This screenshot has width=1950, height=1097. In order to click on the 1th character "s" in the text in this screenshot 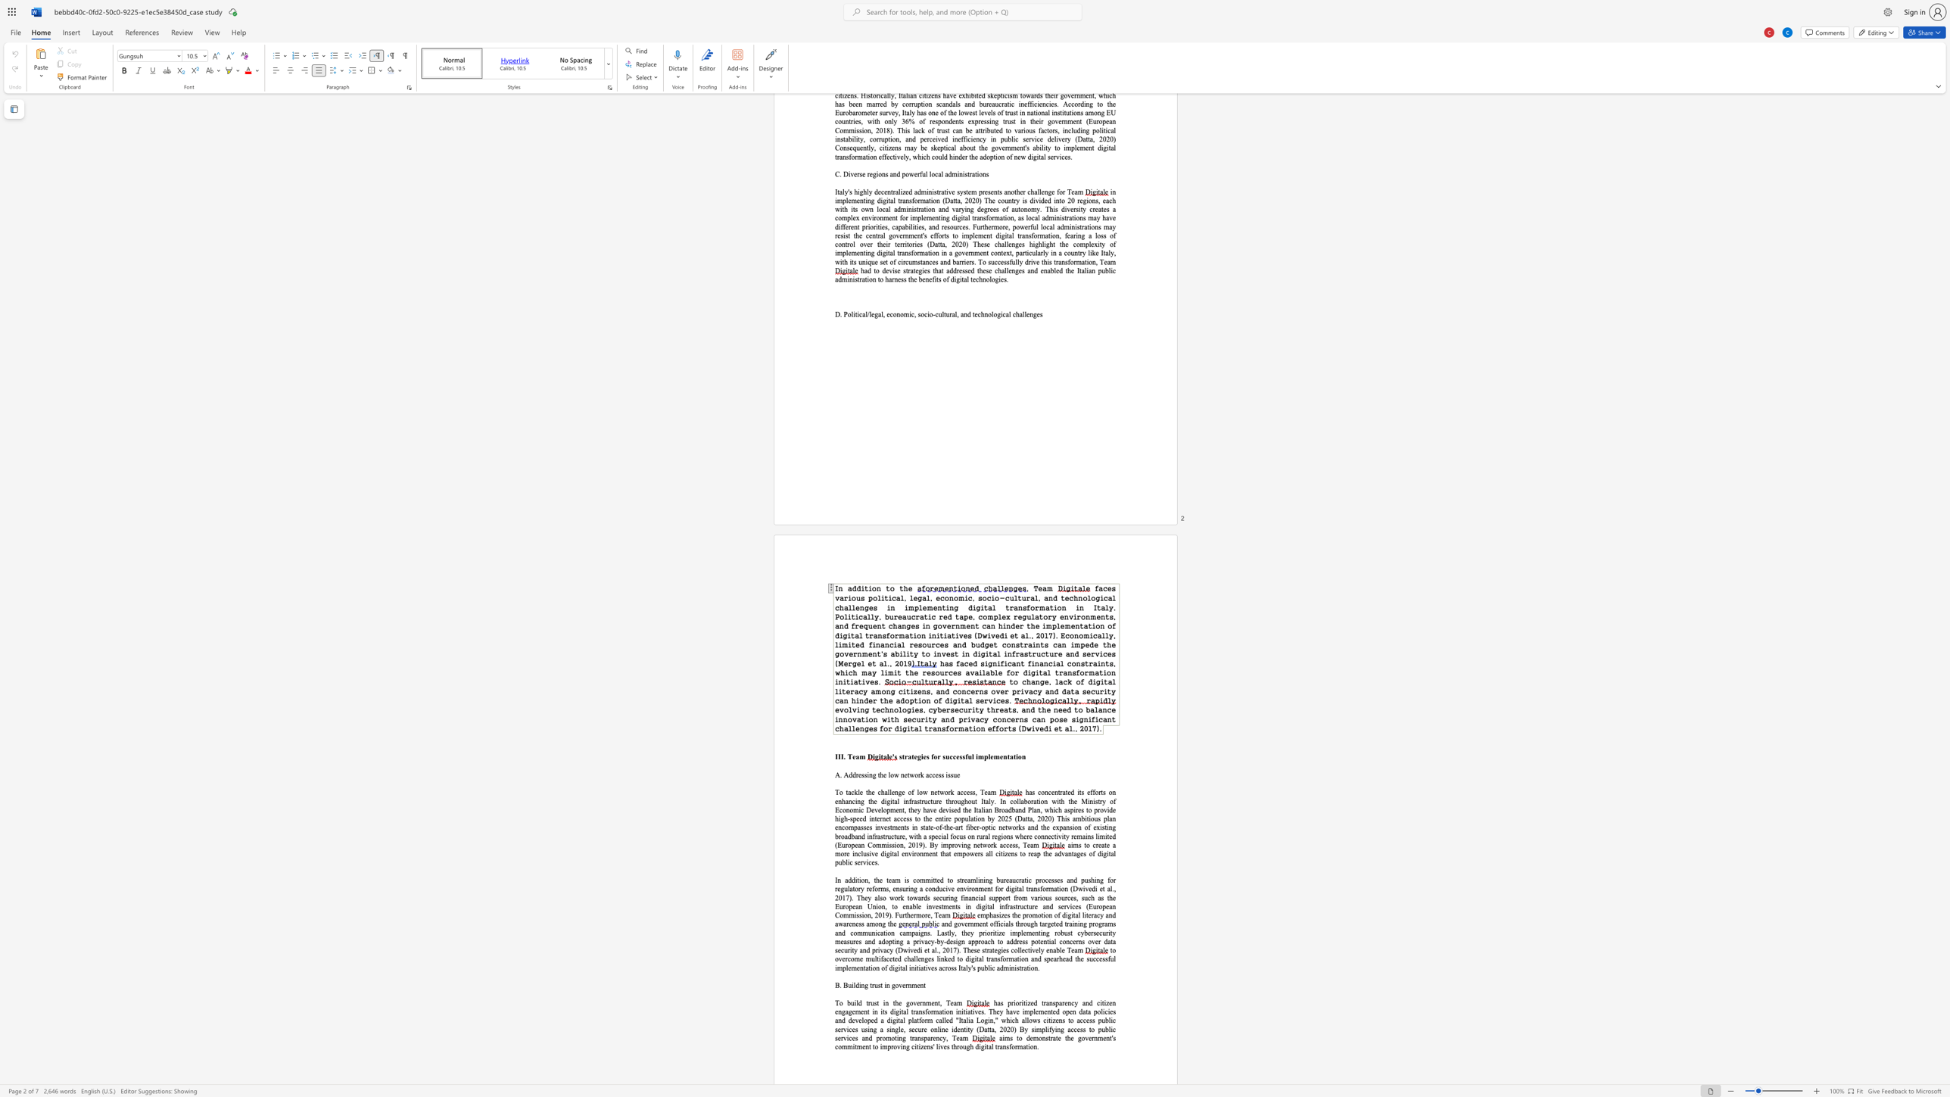, I will do `click(900, 756)`.